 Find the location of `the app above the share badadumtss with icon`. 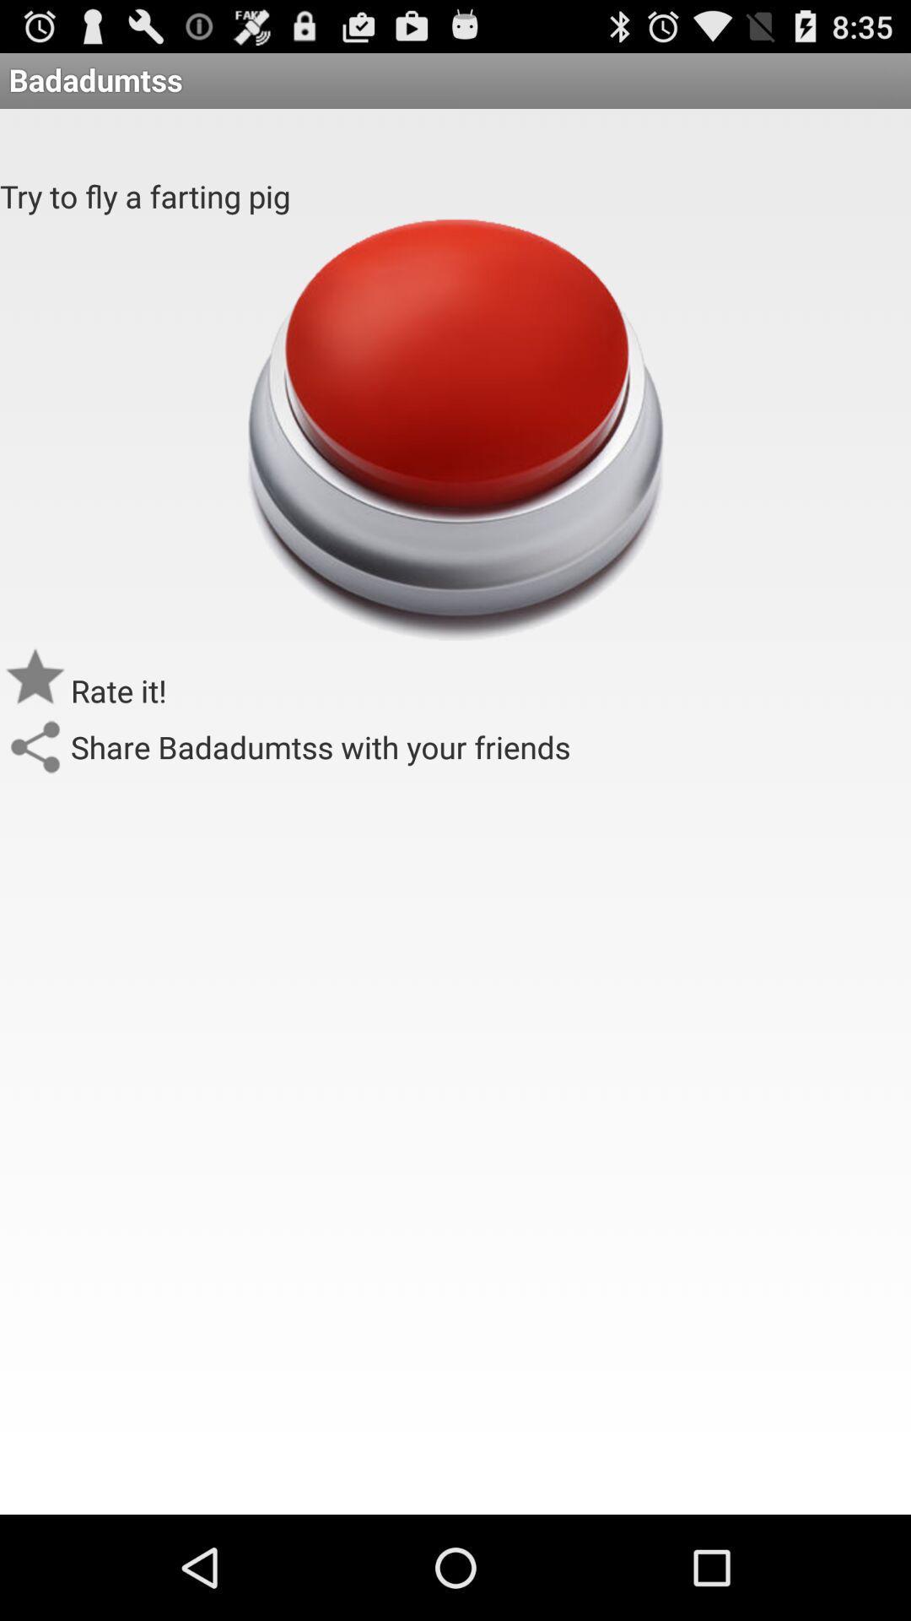

the app above the share badadumtss with icon is located at coordinates (454, 429).